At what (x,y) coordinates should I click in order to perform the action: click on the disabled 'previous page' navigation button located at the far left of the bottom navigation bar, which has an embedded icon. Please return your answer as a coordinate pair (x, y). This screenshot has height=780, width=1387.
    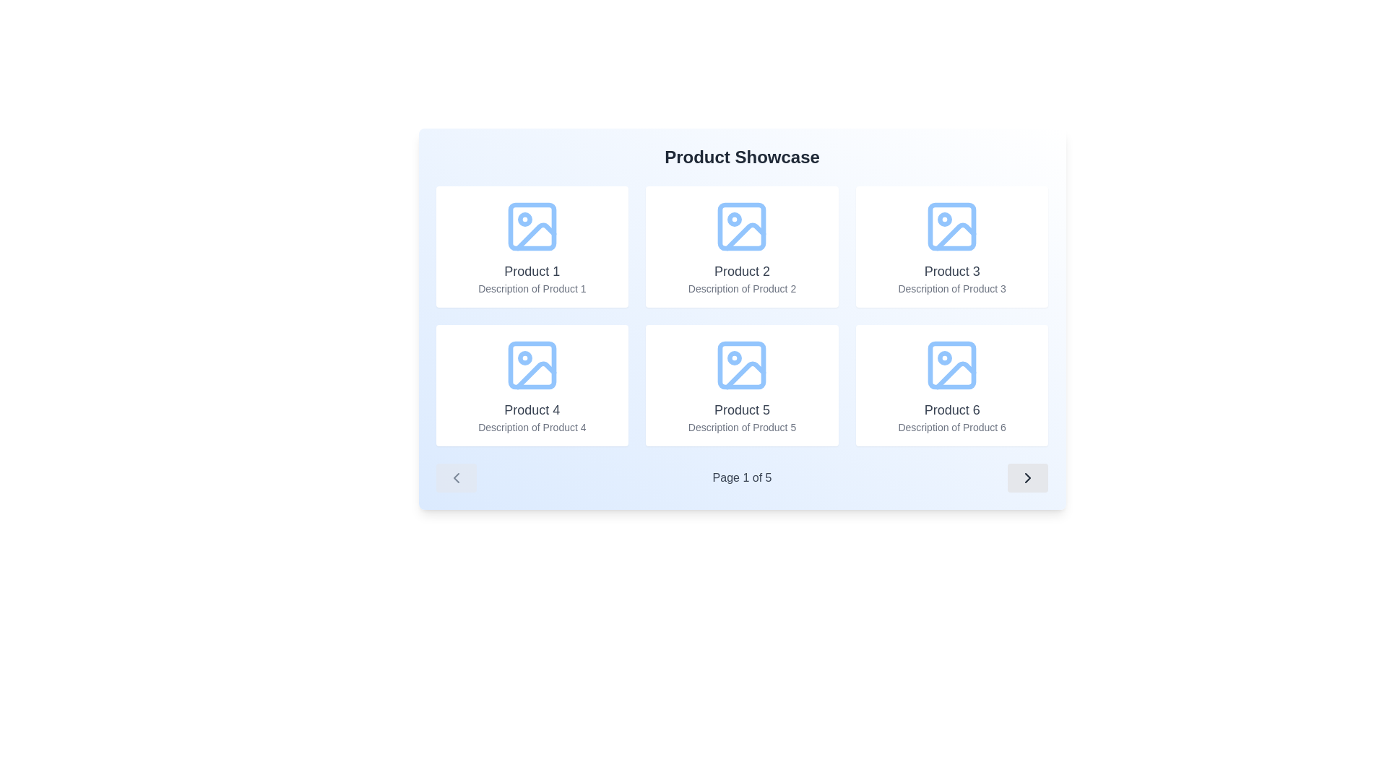
    Looking at the image, I should click on (455, 478).